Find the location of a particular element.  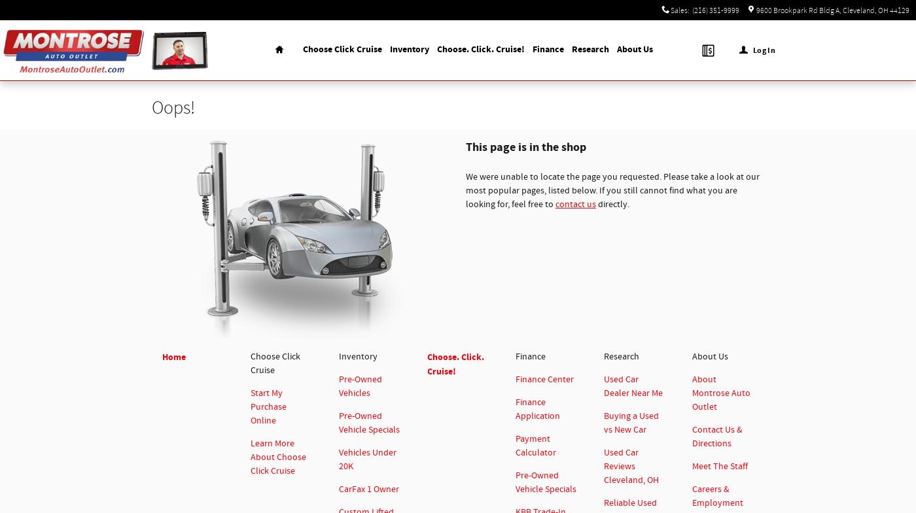

'Start My Purchase Online' is located at coordinates (251, 406).